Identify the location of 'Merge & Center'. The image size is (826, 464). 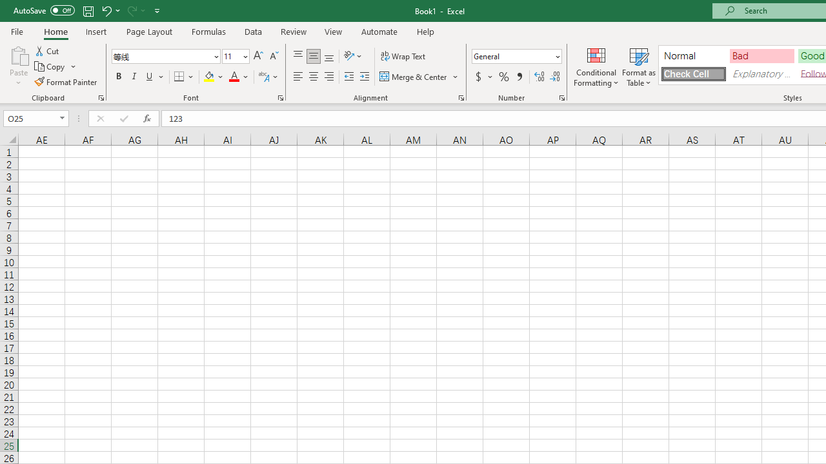
(414, 77).